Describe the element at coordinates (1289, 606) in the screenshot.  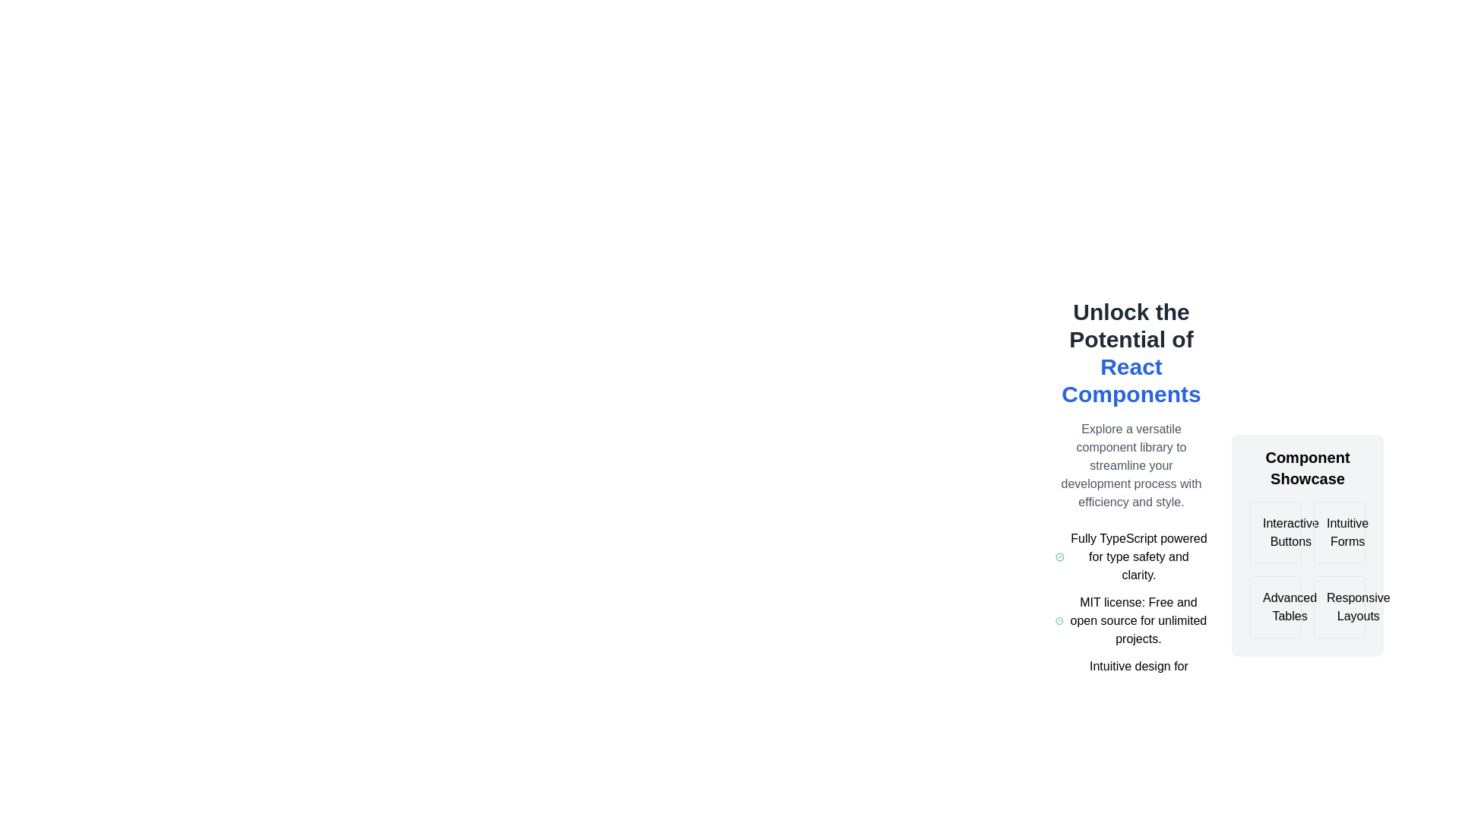
I see `the text label in the 'Component Showcase' section, located in the lower-left cell of the grid, which represents the 'Advanced Tables' feature` at that location.